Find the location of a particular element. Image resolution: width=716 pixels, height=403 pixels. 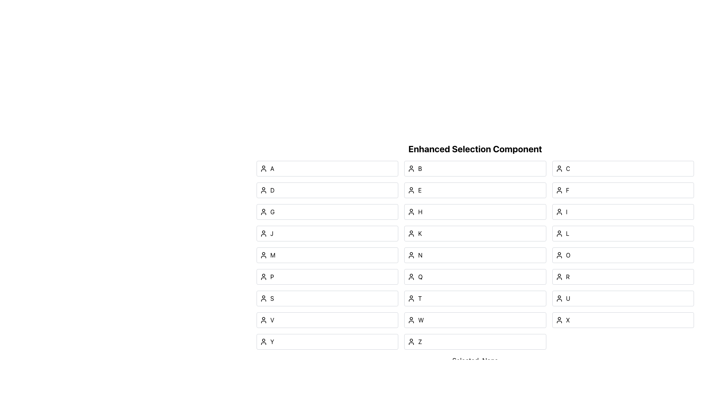

the user silhouette icon located in the fourth row and first column of the grid, which is outlined and has a transparent background is located at coordinates (263, 233).